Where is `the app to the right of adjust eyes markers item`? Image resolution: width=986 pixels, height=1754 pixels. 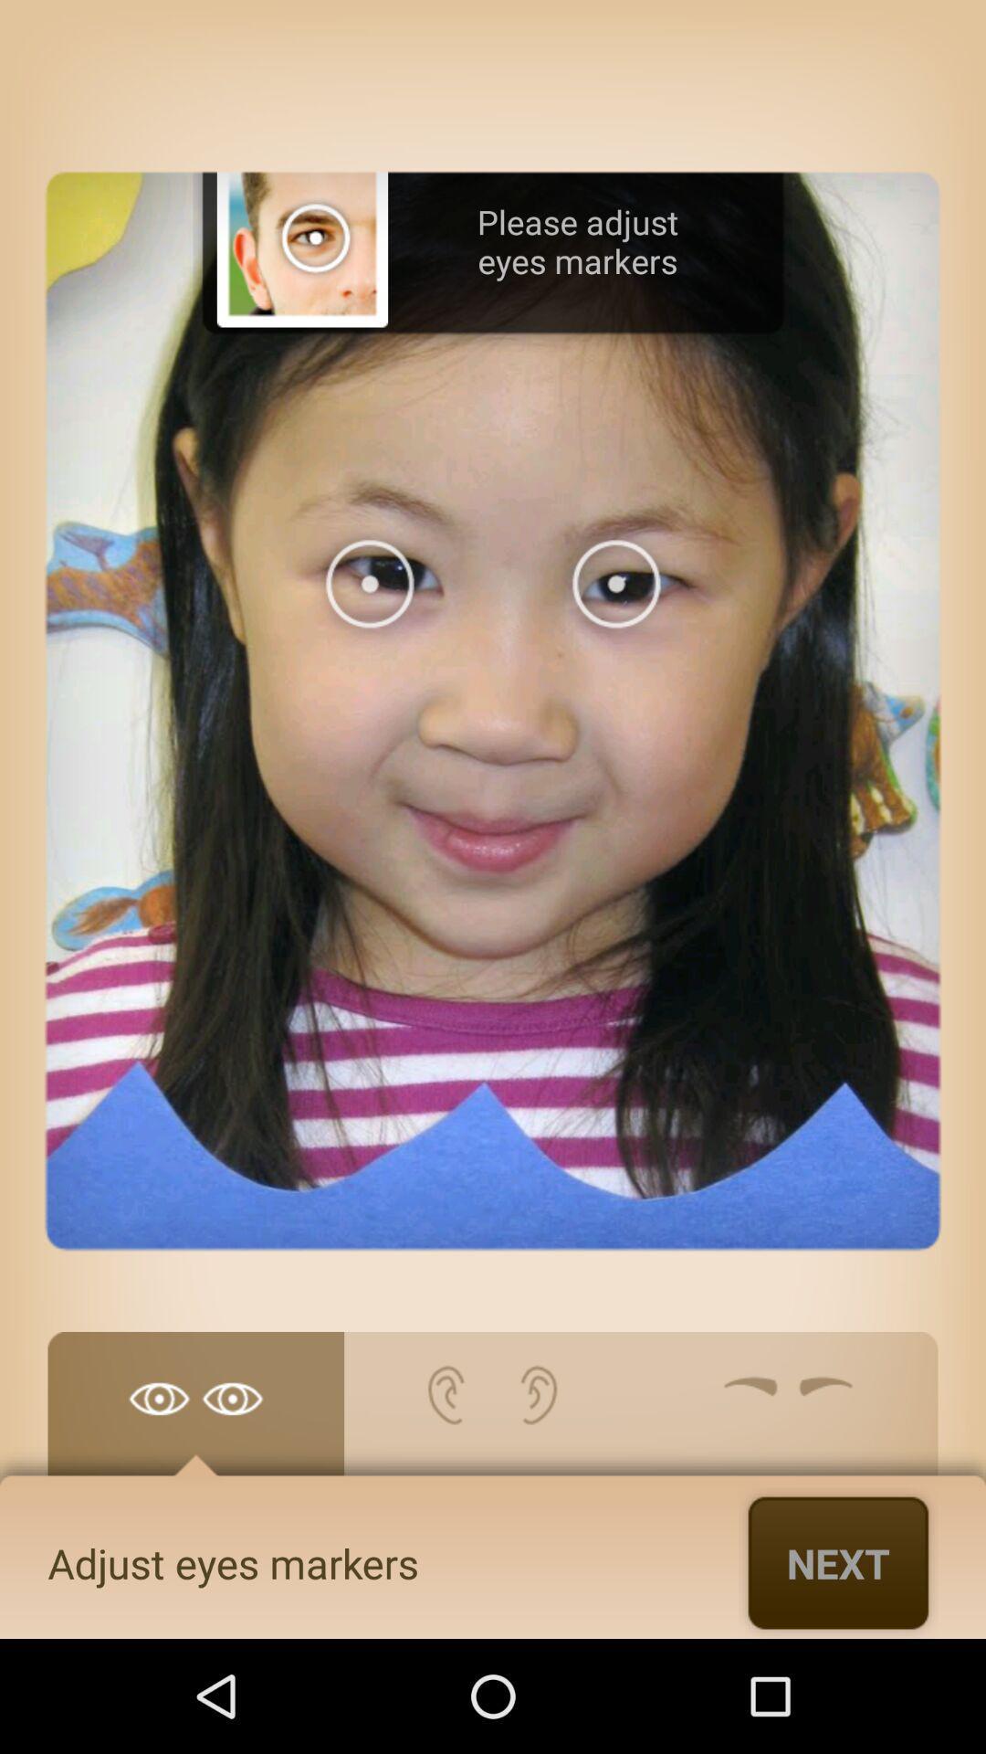
the app to the right of adjust eyes markers item is located at coordinates (838, 1562).